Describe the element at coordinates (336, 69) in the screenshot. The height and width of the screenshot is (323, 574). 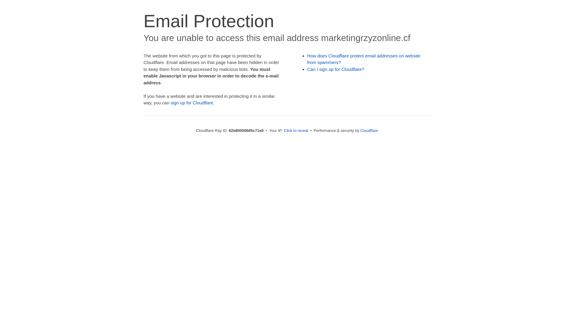
I see `'Can I sign up for Cloudflare?'` at that location.